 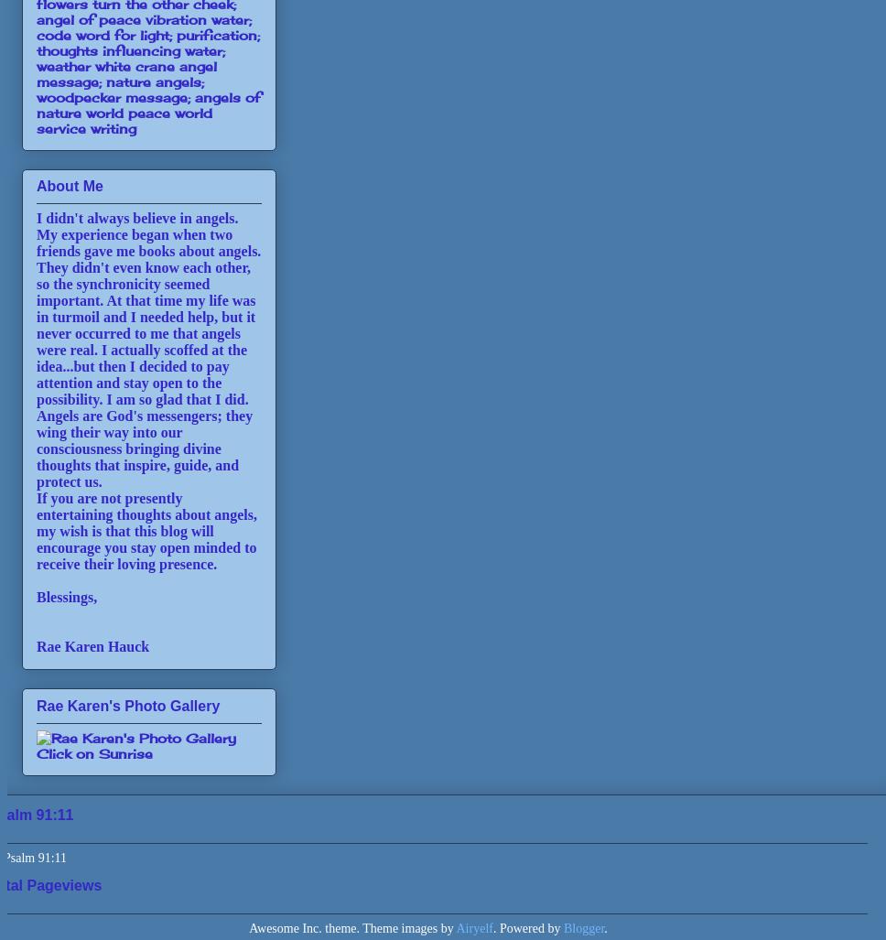 I want to click on '. Powered by', so click(x=527, y=926).